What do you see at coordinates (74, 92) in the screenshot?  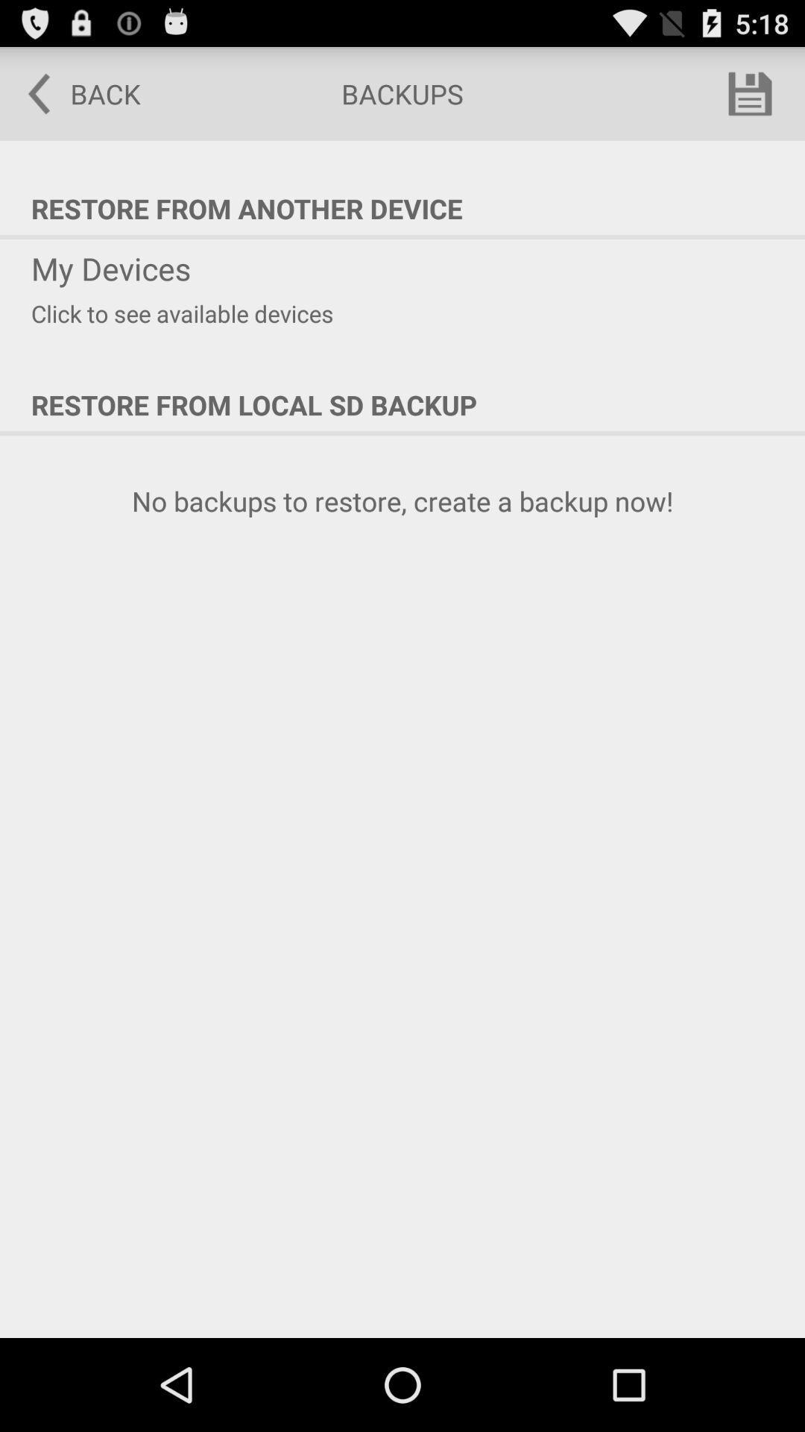 I see `the item to the left of the backups item` at bounding box center [74, 92].